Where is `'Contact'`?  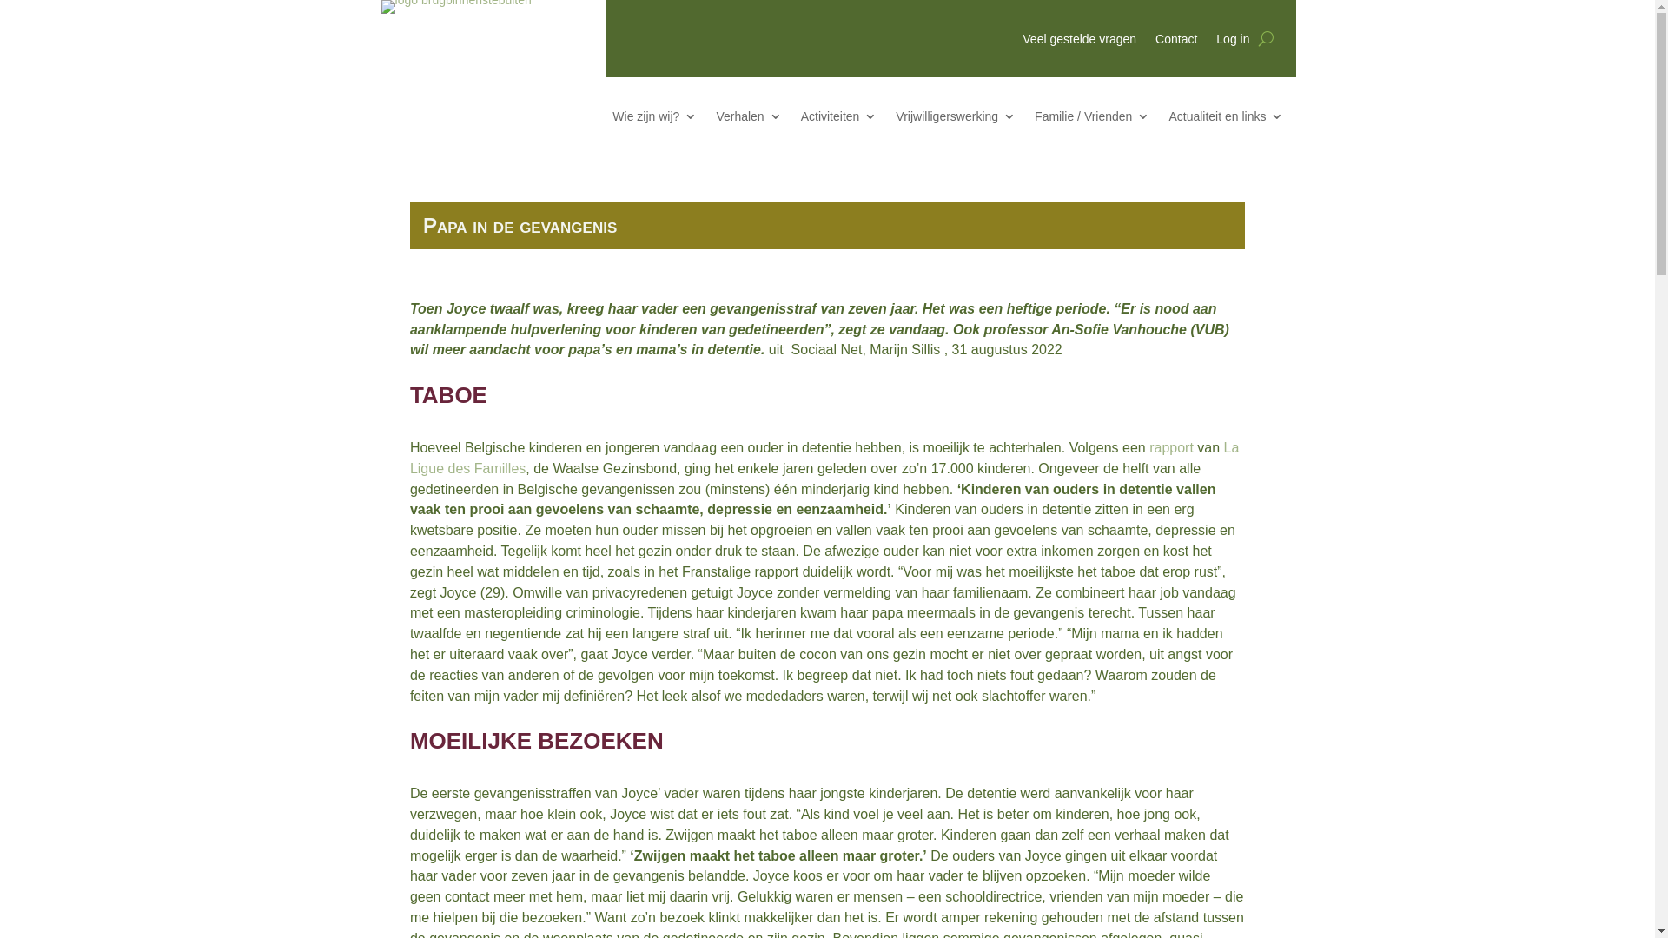
'Contact' is located at coordinates (1175, 42).